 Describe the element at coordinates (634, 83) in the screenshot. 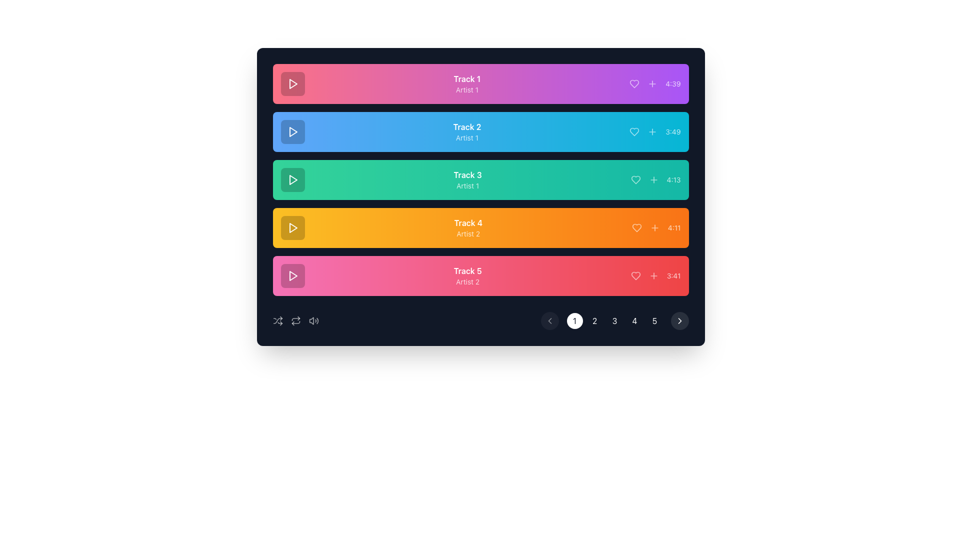

I see `the heart shape icon` at that location.